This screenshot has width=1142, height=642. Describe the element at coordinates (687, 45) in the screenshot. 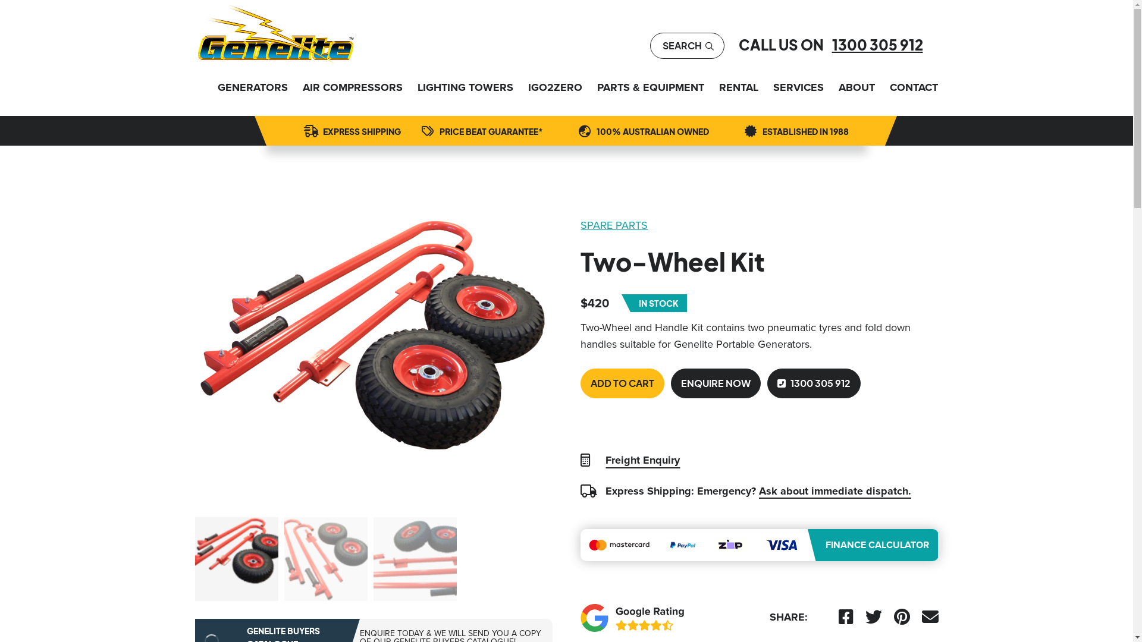

I see `'SEARCH'` at that location.